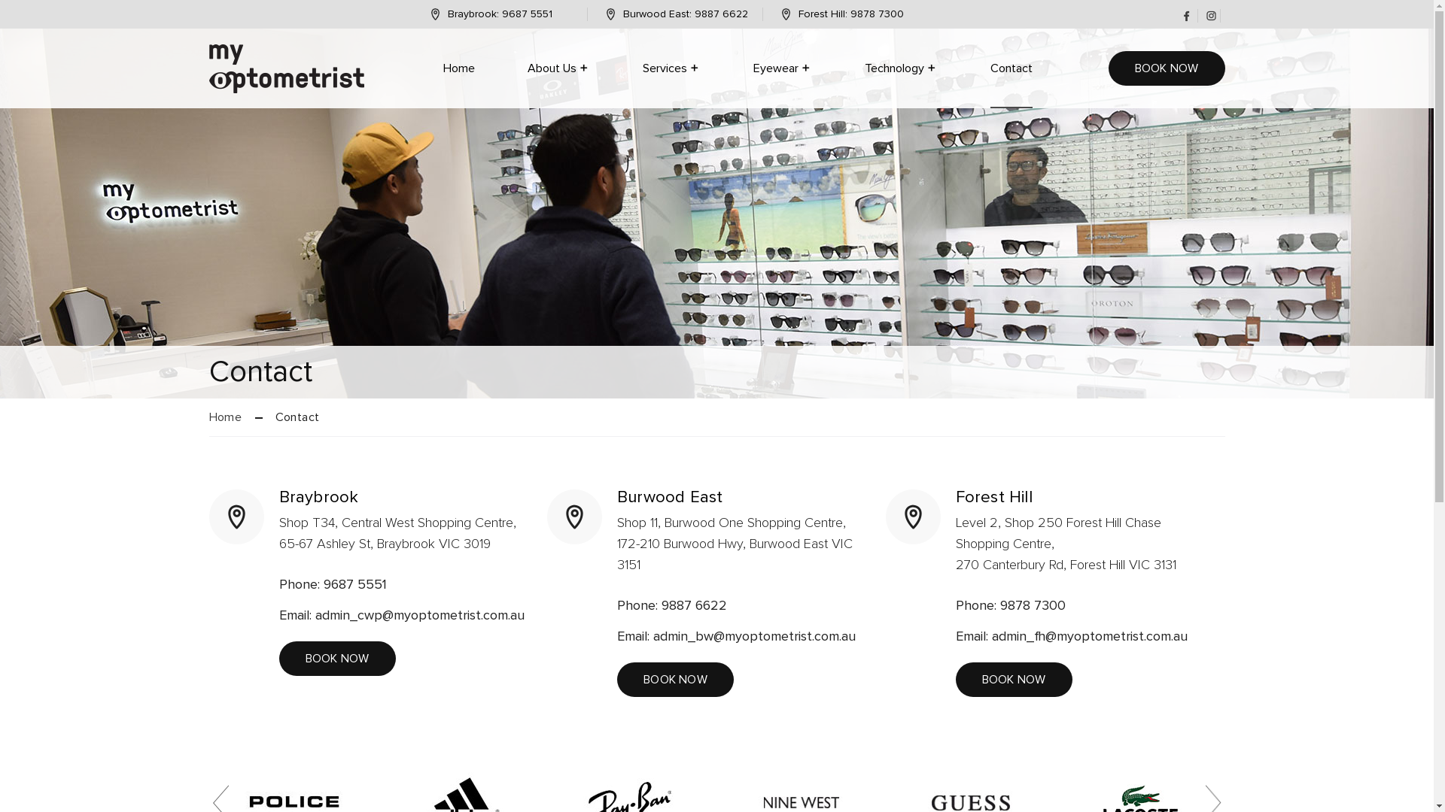 The height and width of the screenshot is (812, 1445). I want to click on 'Medmont Automated Perimeter', so click(960, 123).